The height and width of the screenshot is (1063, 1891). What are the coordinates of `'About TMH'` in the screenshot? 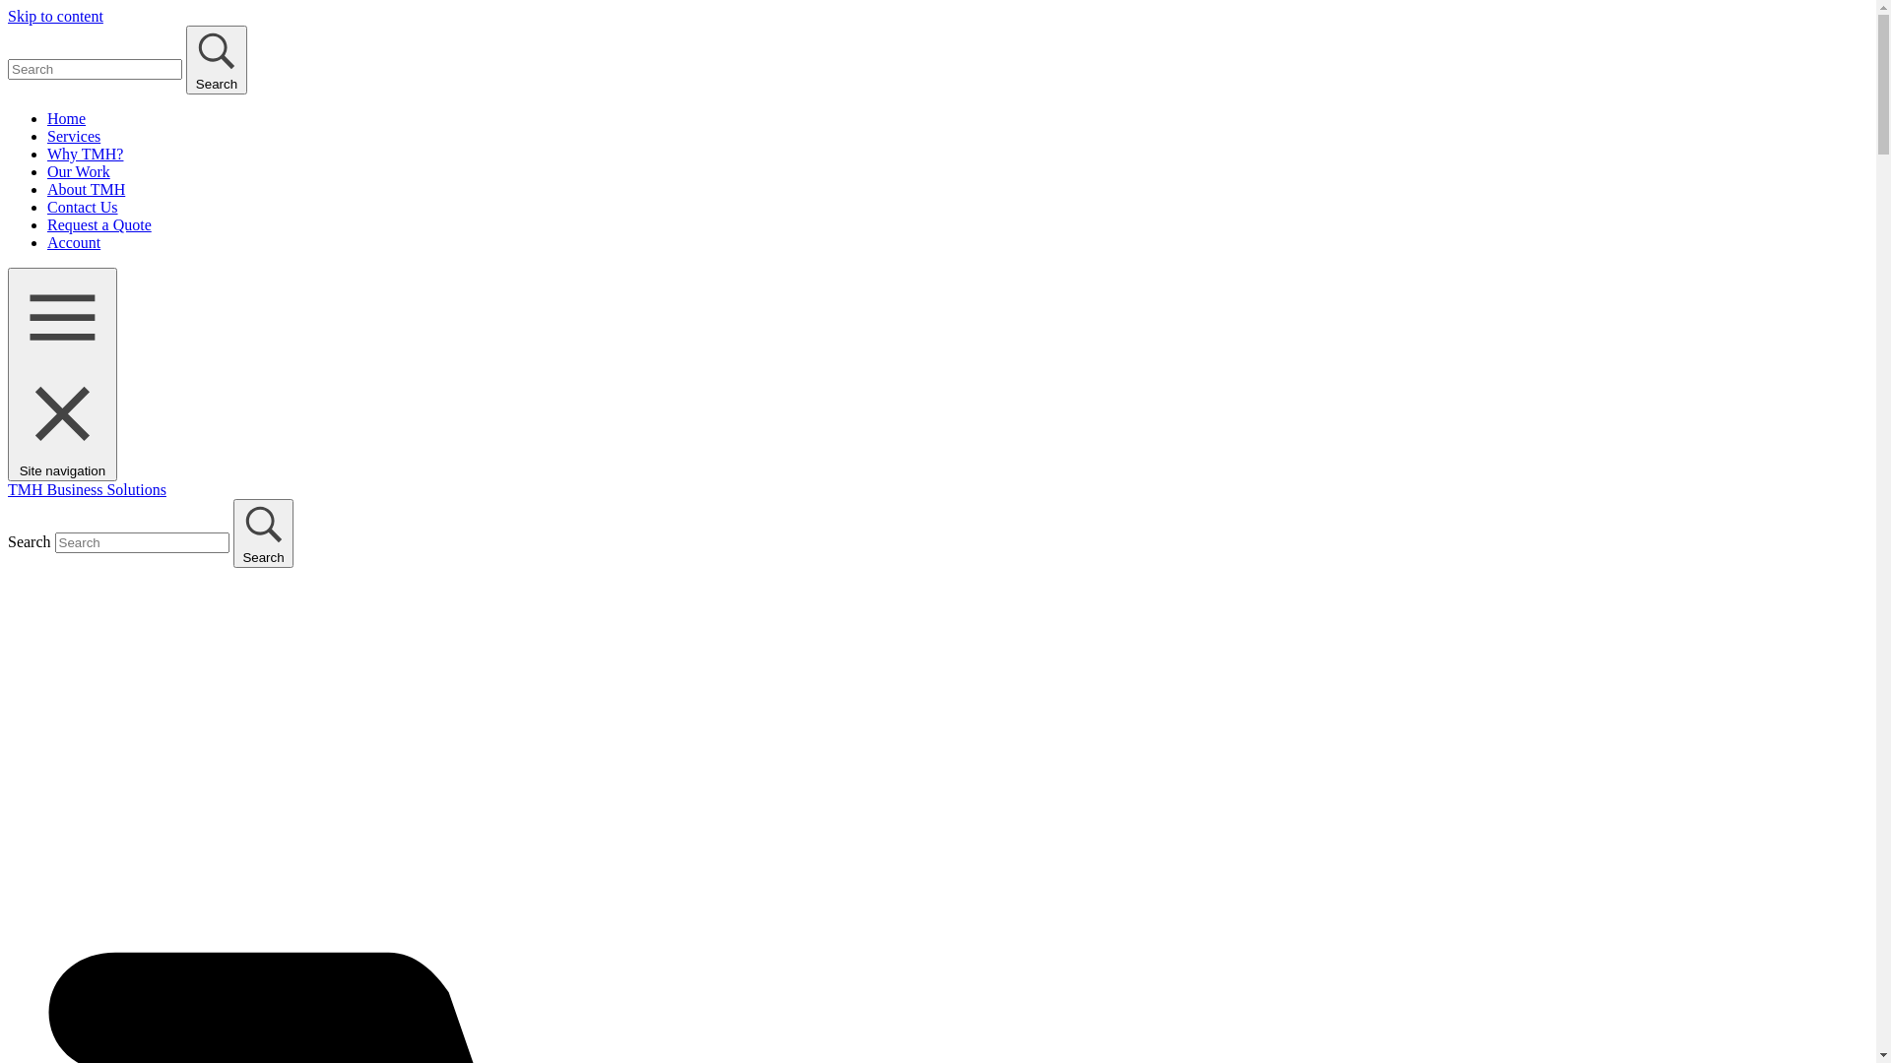 It's located at (85, 189).